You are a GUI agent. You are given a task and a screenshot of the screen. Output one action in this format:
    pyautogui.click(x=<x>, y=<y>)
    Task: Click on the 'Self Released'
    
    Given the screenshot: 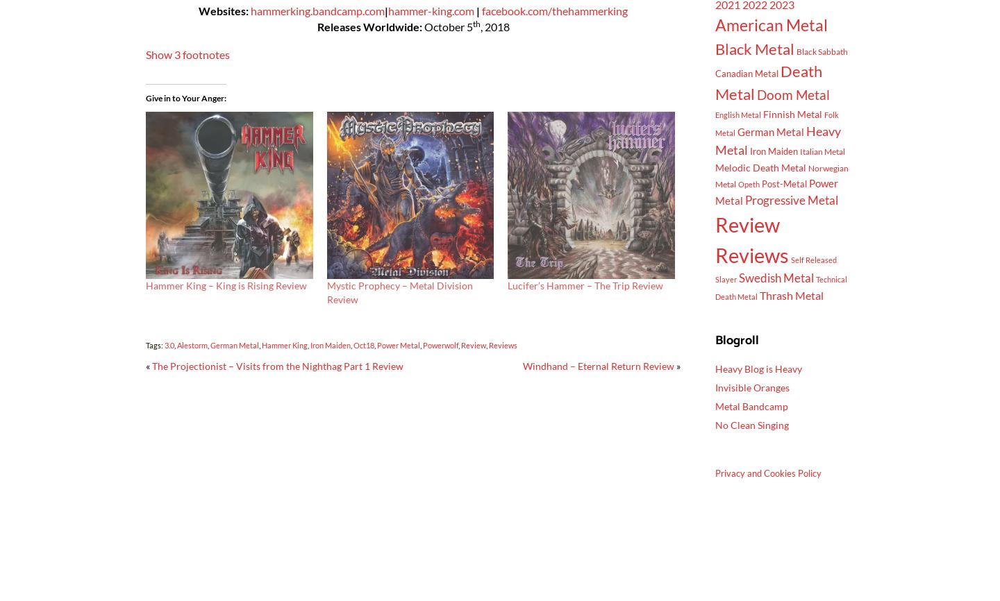 What is the action you would take?
    pyautogui.click(x=814, y=258)
    